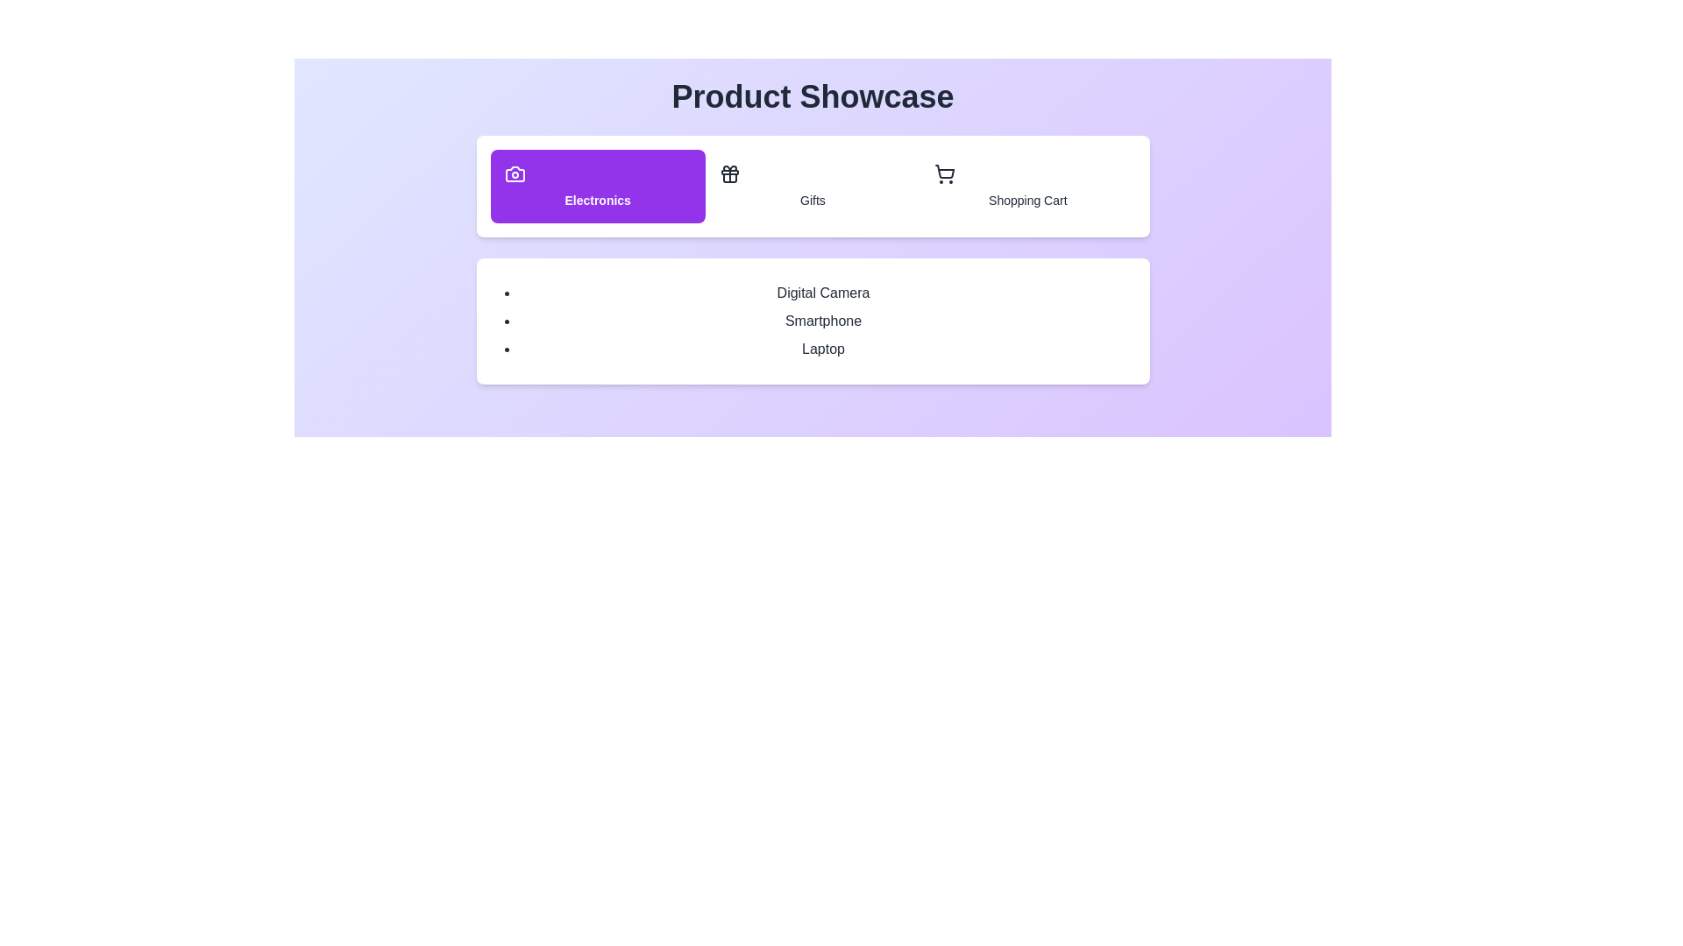 Image resolution: width=1683 pixels, height=946 pixels. I want to click on the second button in the group of three buttons, so click(812, 186).